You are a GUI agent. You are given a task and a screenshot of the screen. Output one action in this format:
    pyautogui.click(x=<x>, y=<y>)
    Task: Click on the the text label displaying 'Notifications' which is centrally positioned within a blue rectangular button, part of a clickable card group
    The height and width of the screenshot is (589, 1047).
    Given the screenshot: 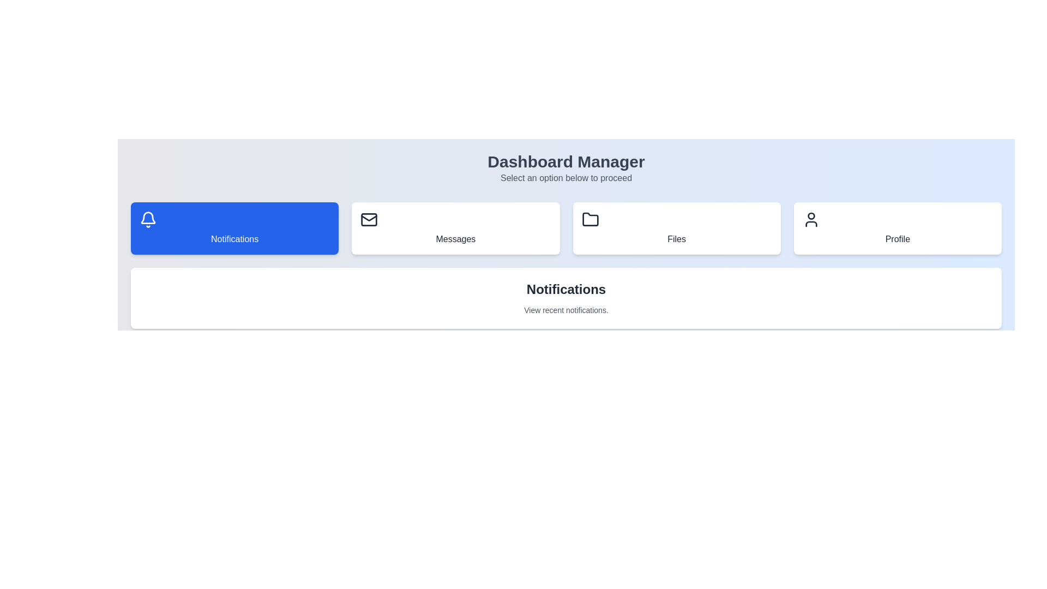 What is the action you would take?
    pyautogui.click(x=234, y=239)
    